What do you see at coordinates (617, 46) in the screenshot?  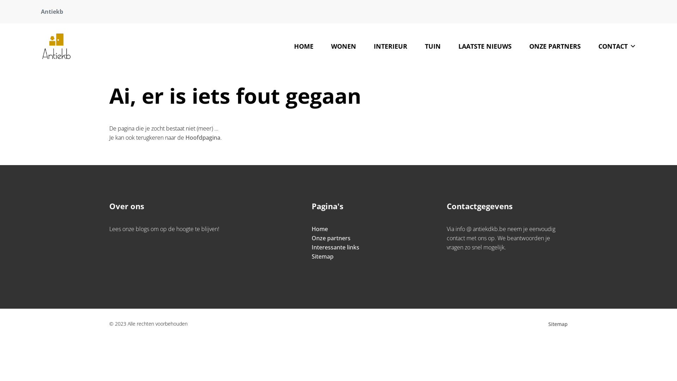 I see `'CONTACT'` at bounding box center [617, 46].